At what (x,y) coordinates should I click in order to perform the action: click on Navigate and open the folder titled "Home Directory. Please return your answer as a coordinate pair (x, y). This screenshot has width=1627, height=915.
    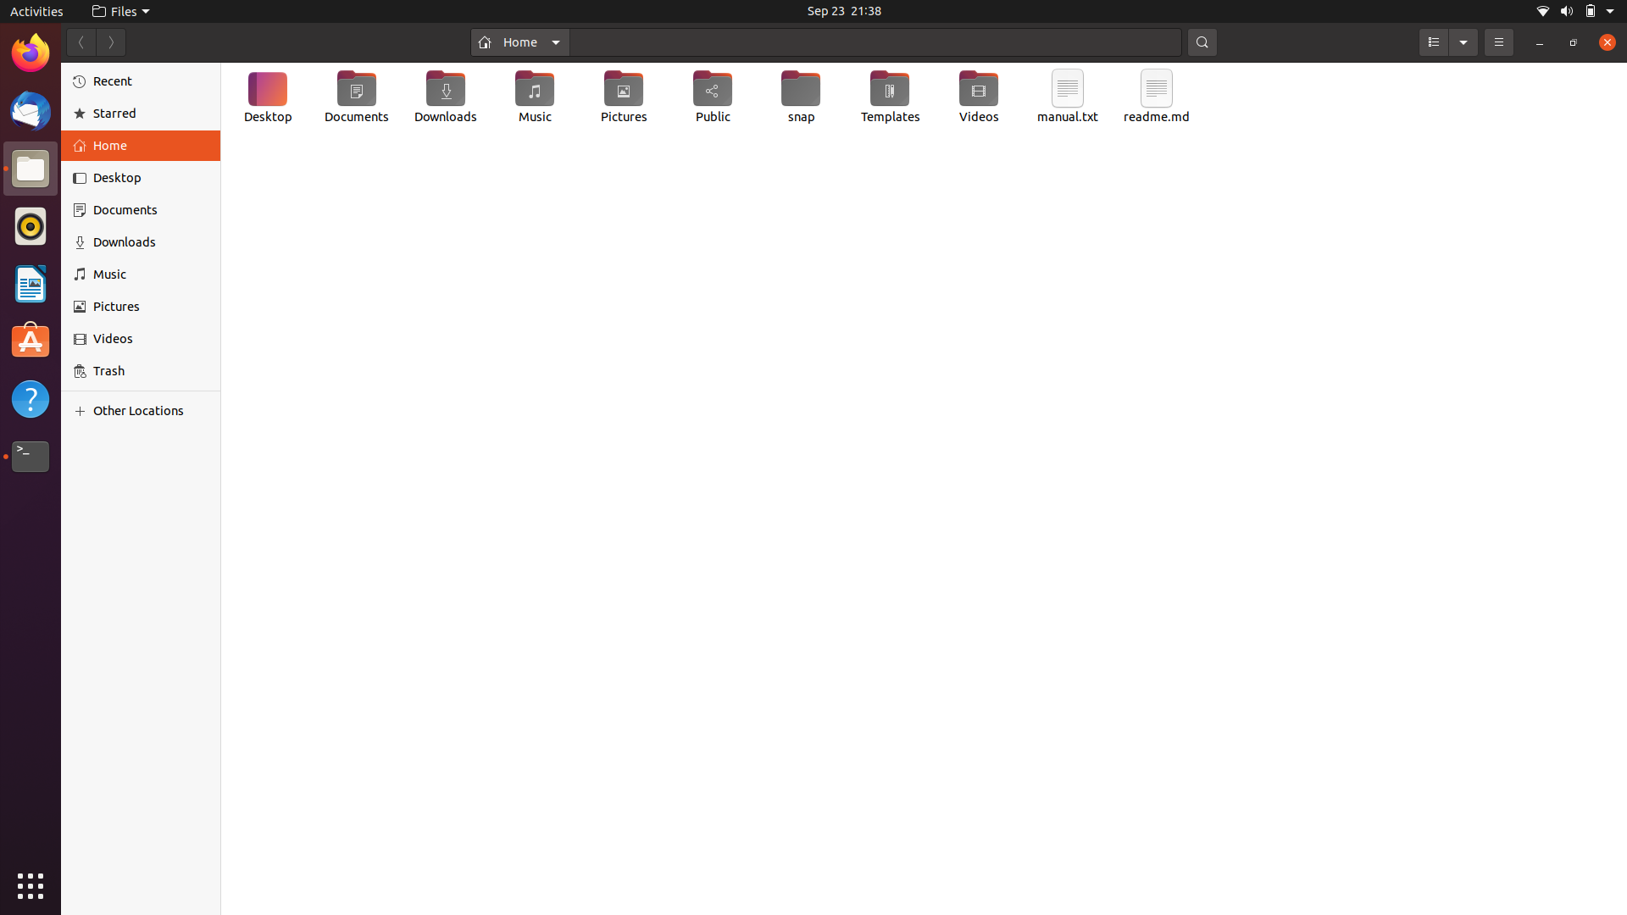
    Looking at the image, I should click on (519, 41).